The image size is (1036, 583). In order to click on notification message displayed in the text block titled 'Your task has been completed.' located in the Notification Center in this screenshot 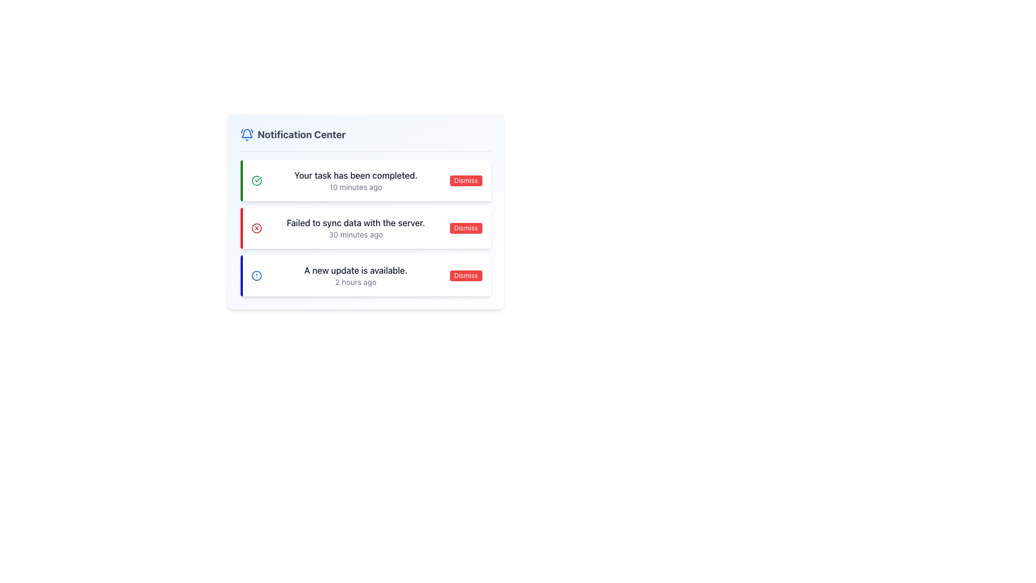, I will do `click(356, 180)`.